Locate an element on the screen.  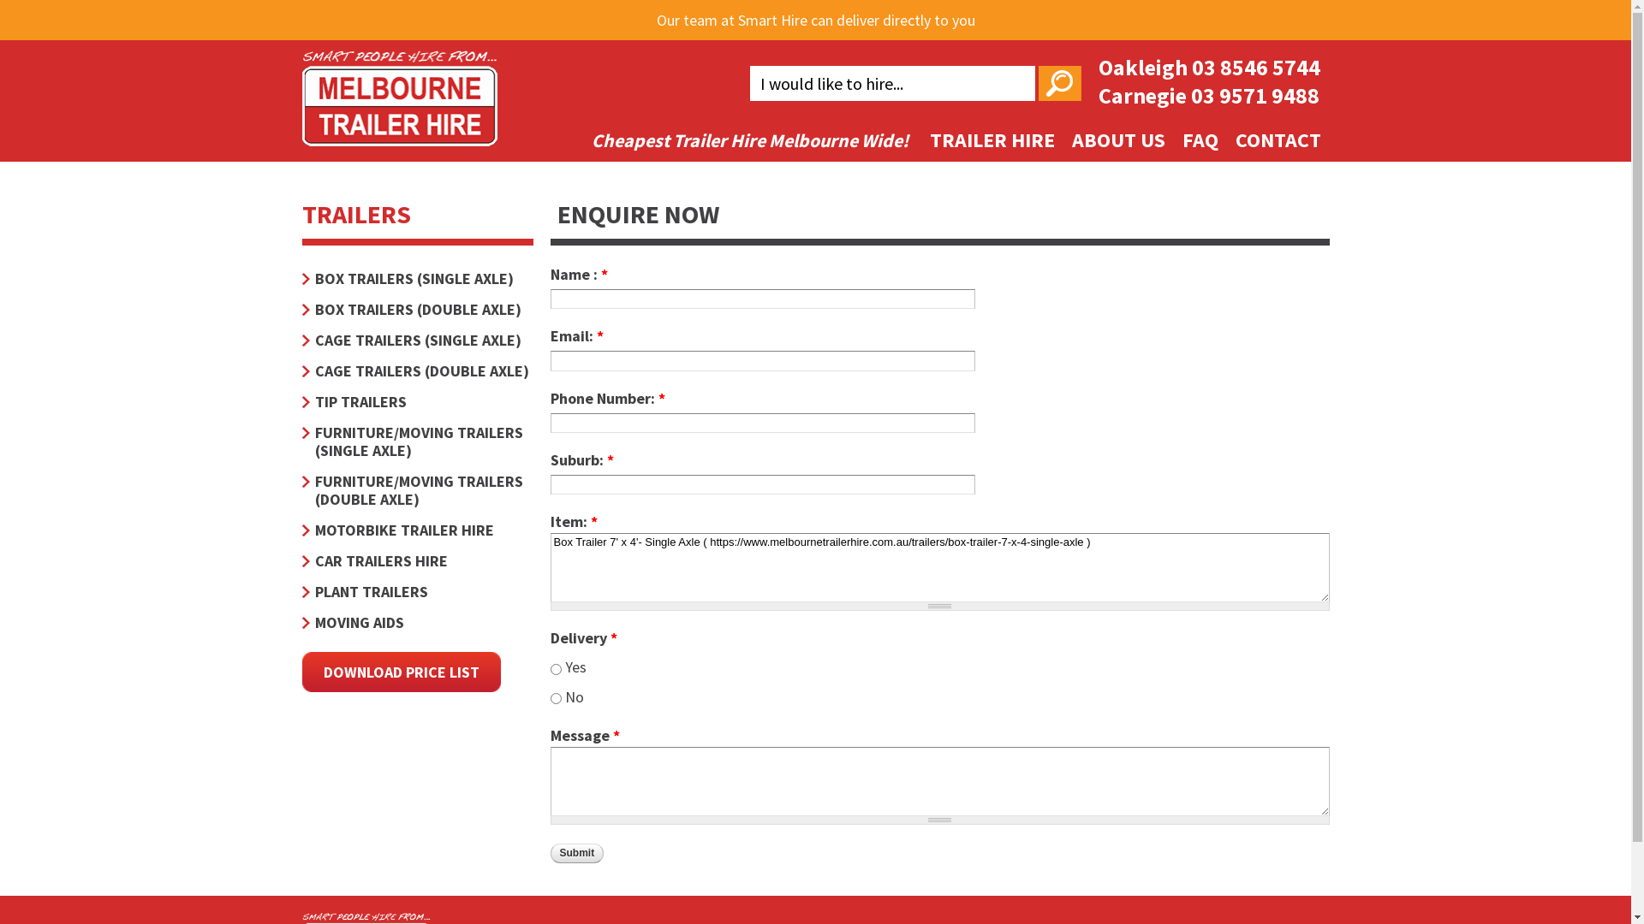
'TIP TRAILERS' is located at coordinates (416, 401).